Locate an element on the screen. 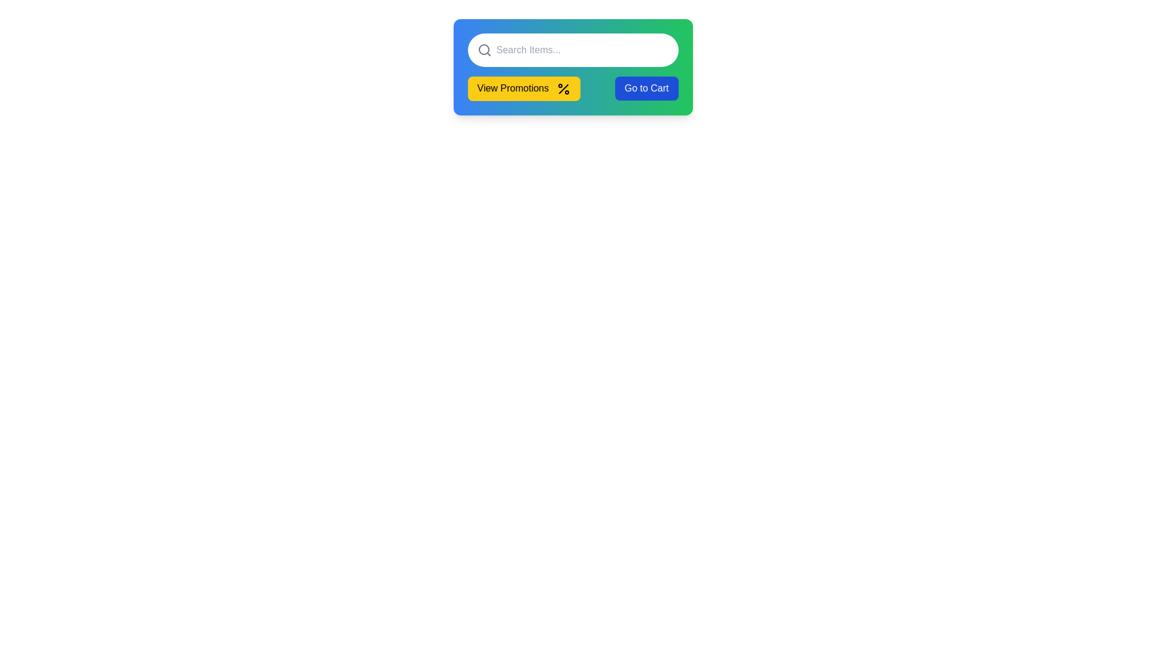 This screenshot has height=646, width=1149. the medium-sized dark blue button labeled 'Go to Cart' is located at coordinates (646, 88).